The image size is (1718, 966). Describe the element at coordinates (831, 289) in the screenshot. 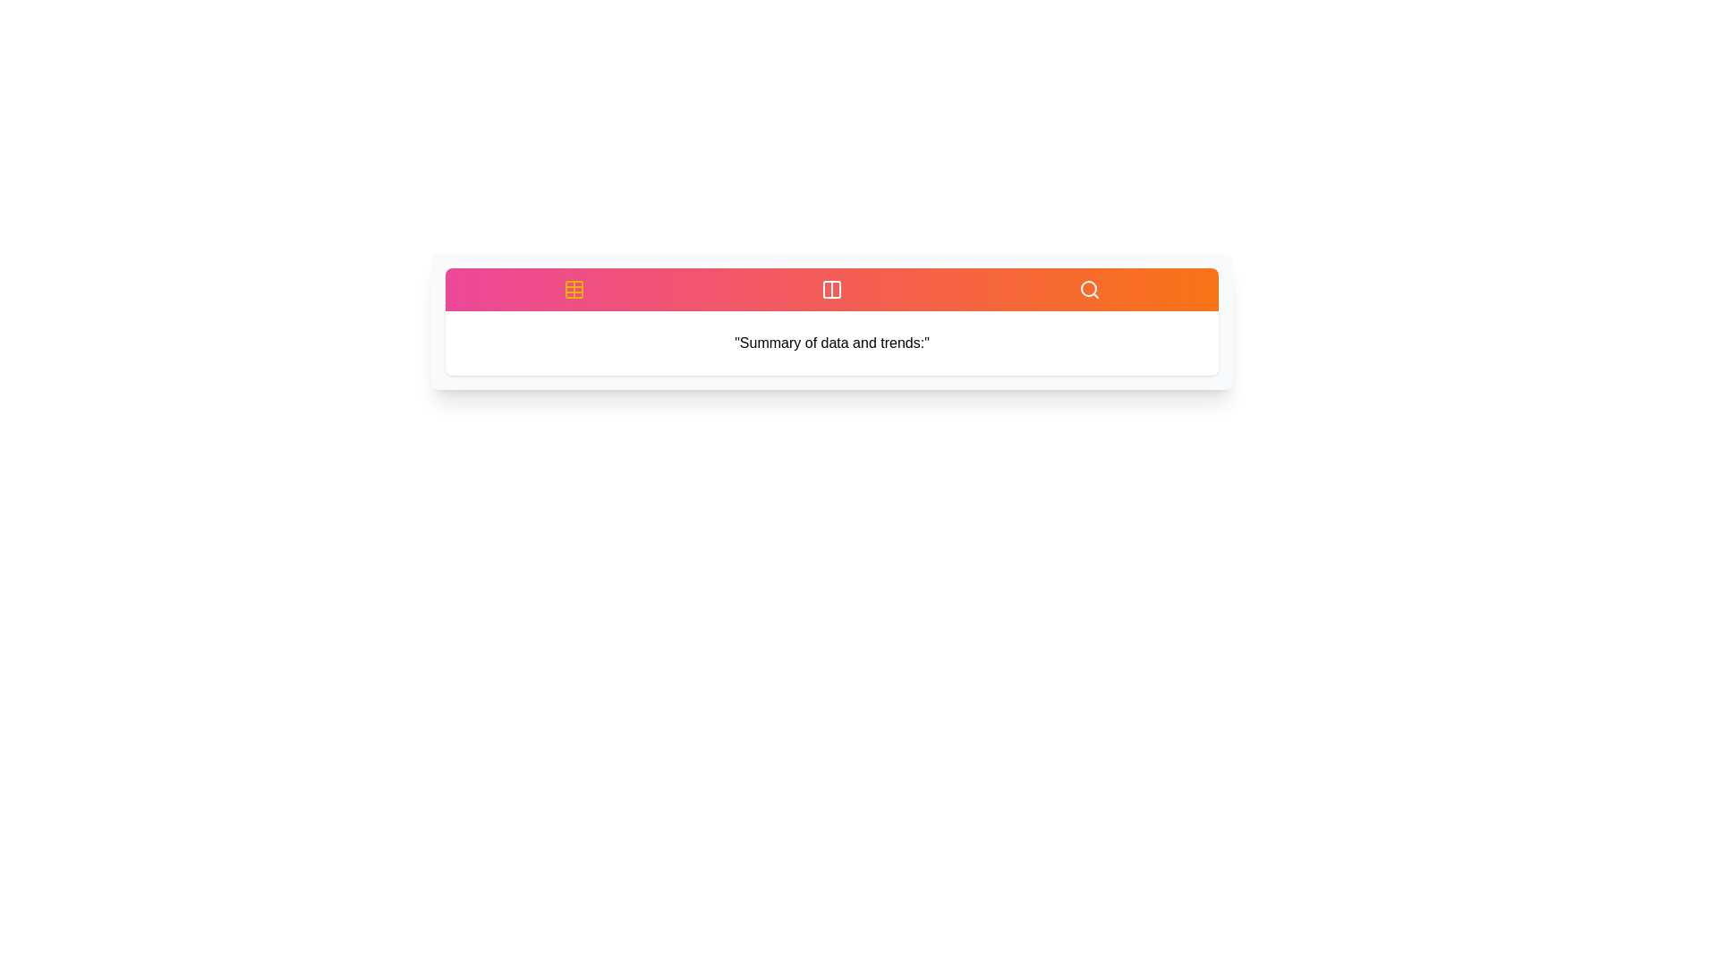

I see `the tab with the ID structure` at that location.